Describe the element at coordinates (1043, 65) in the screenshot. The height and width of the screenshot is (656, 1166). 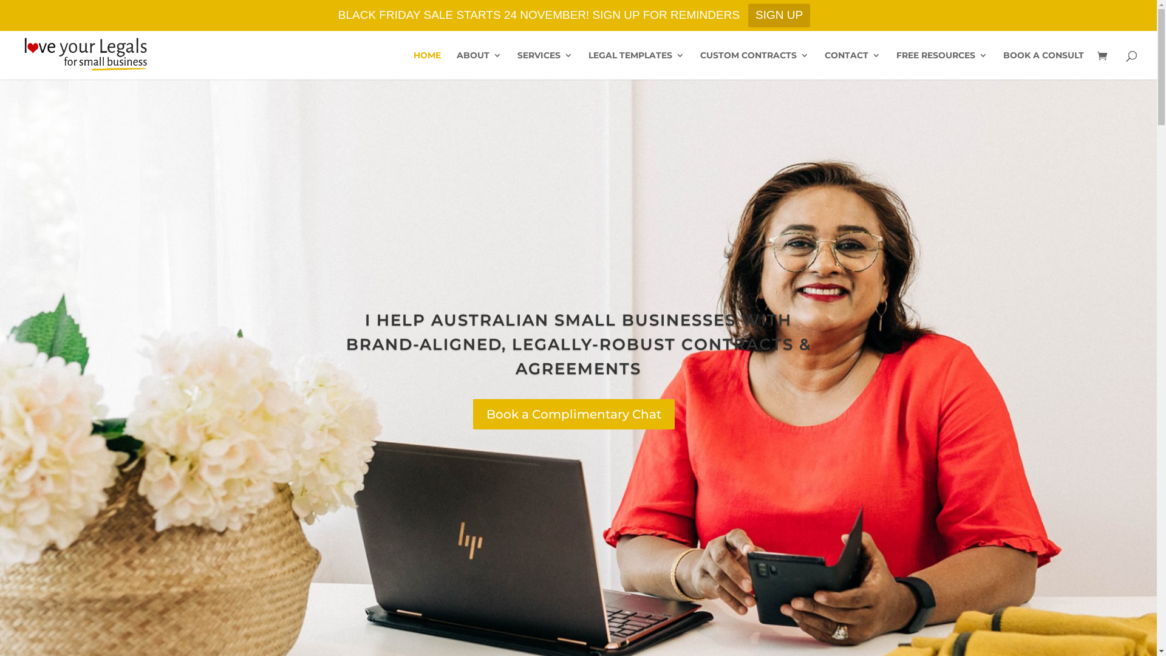
I see `'BOOK A CONSULT'` at that location.